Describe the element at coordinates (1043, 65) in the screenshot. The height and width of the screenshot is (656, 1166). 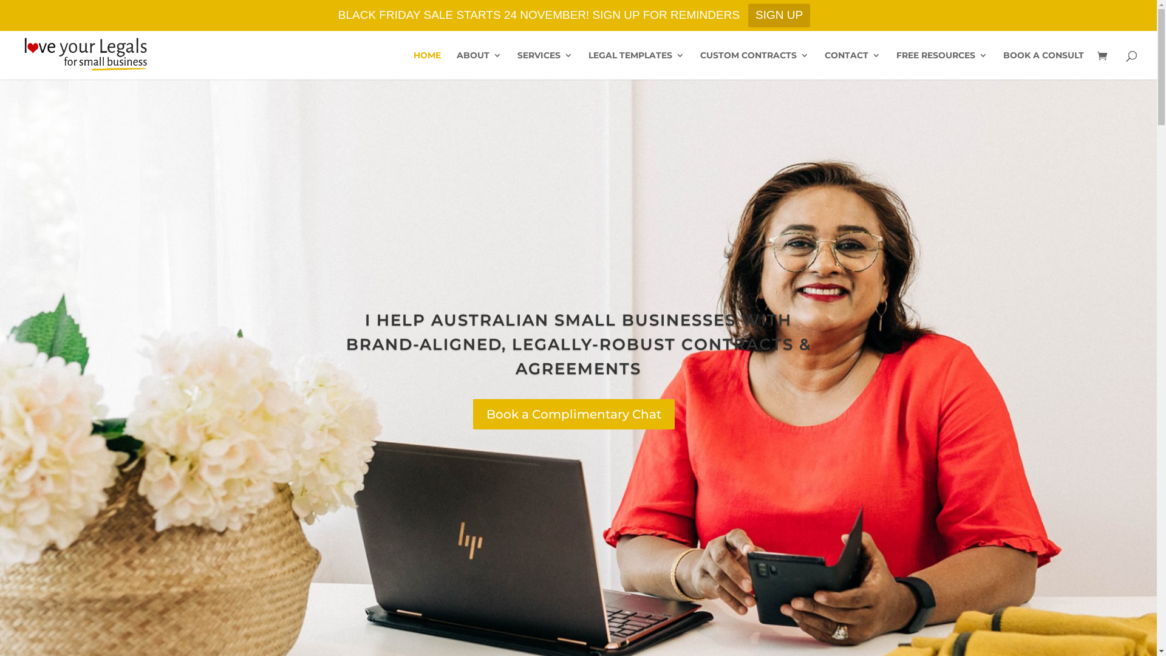
I see `'BOOK A CONSULT'` at that location.